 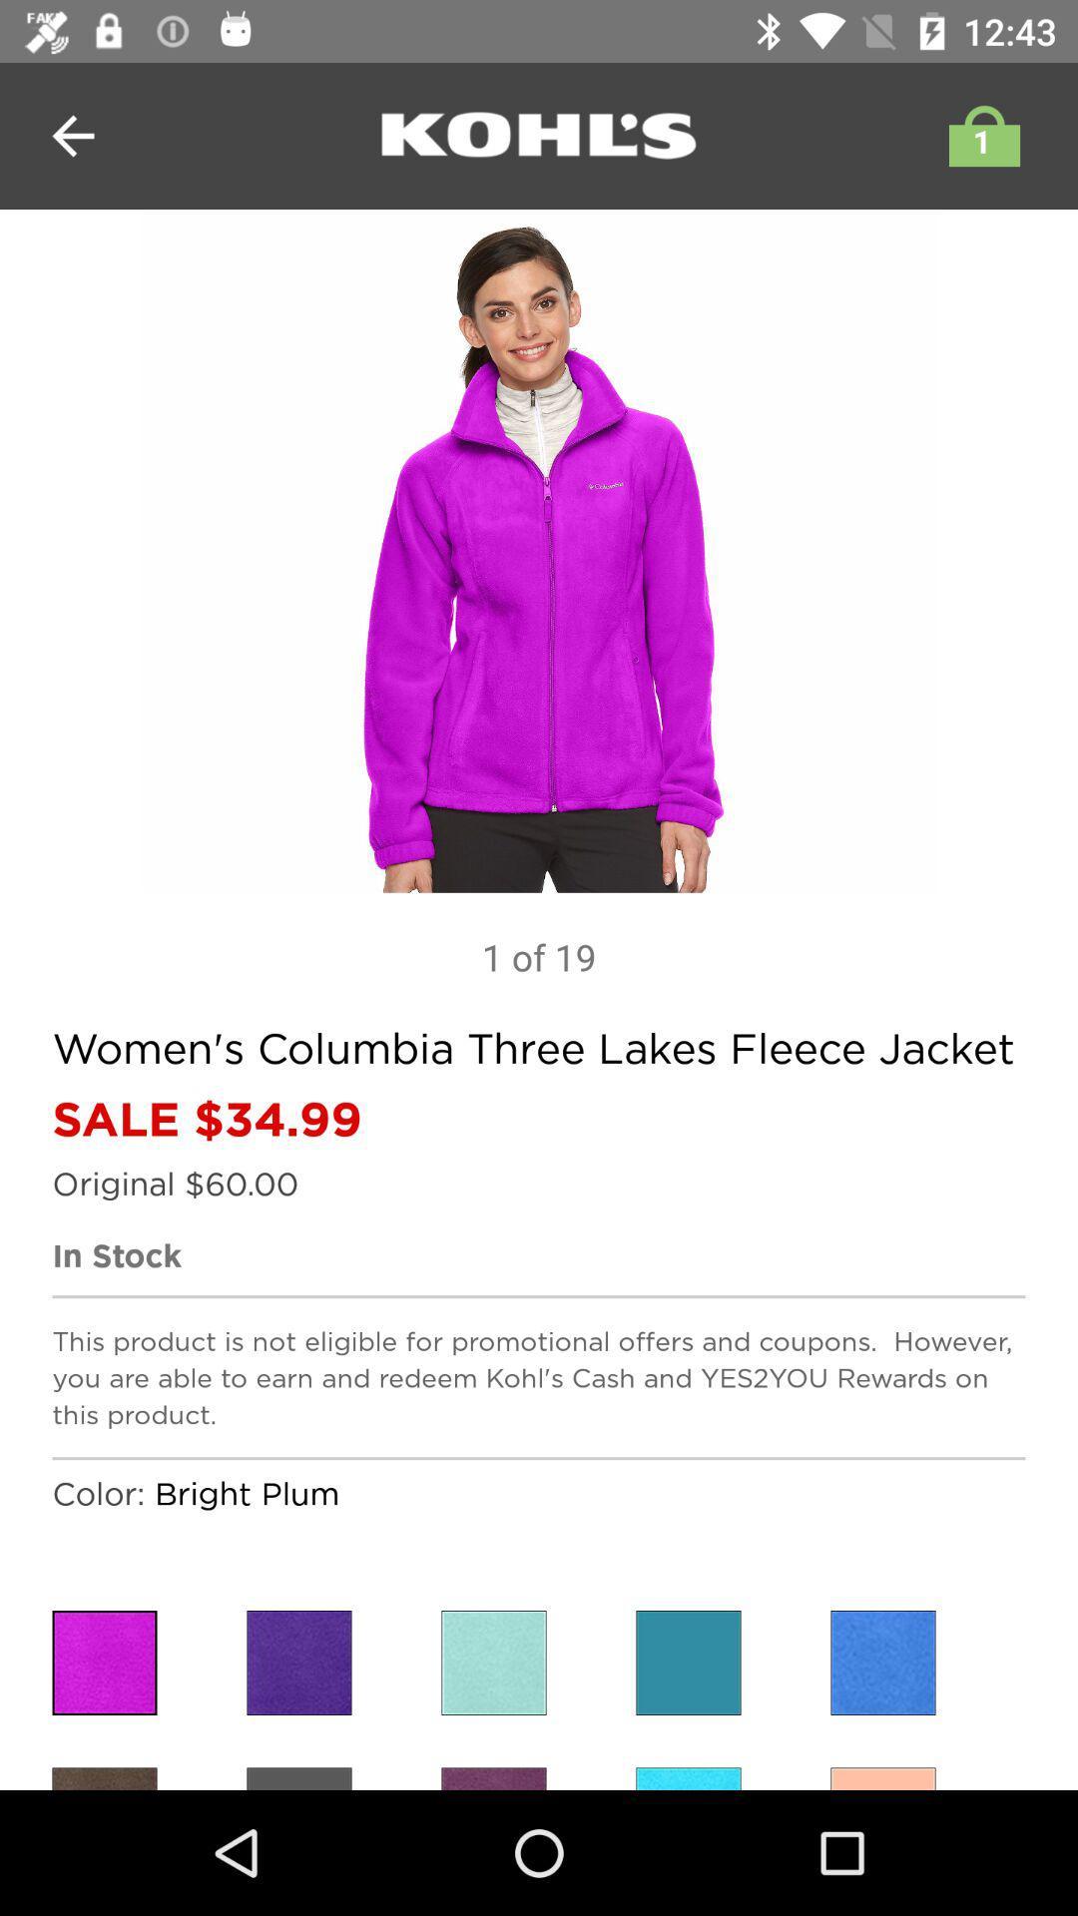 I want to click on choose color selection, so click(x=881, y=1663).